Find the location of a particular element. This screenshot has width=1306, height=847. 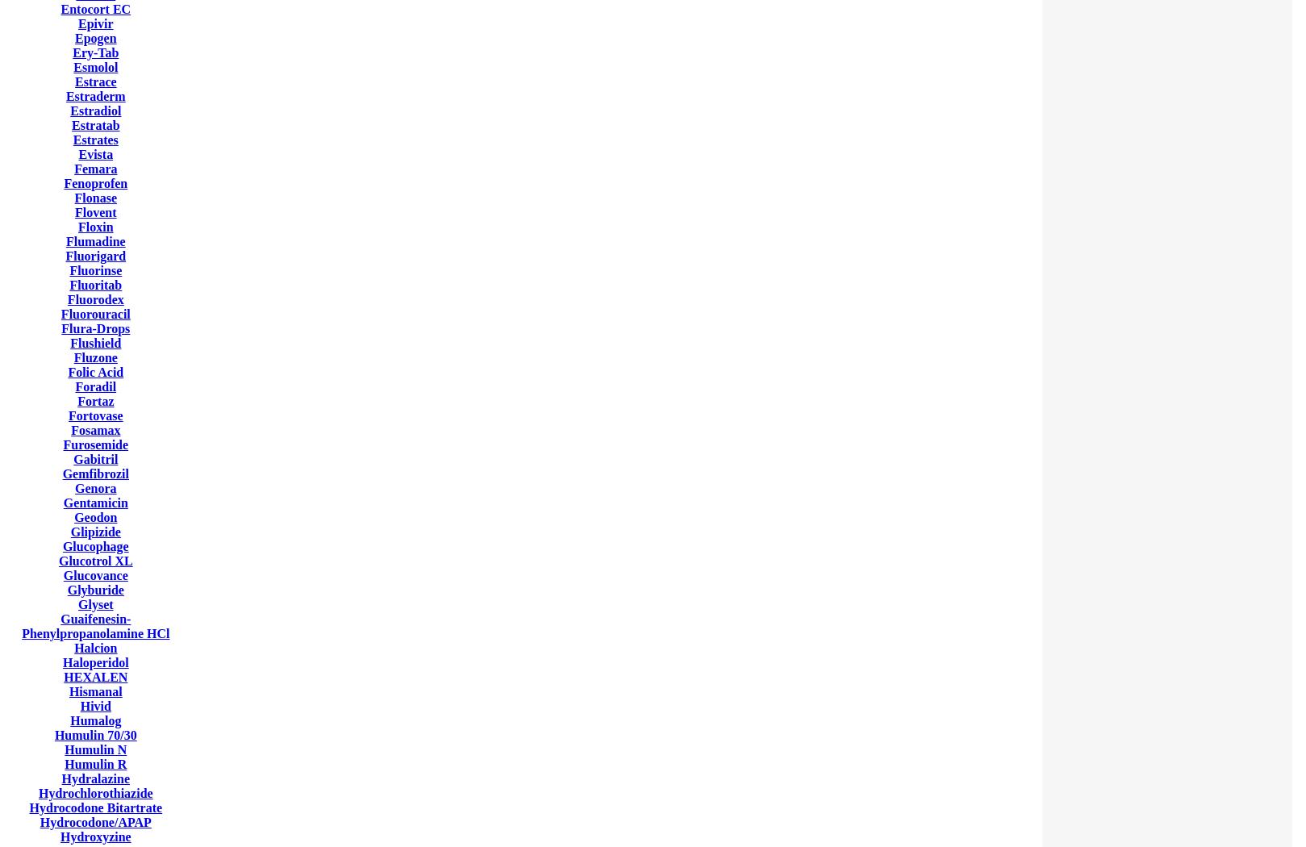

'Femara' is located at coordinates (95, 168).